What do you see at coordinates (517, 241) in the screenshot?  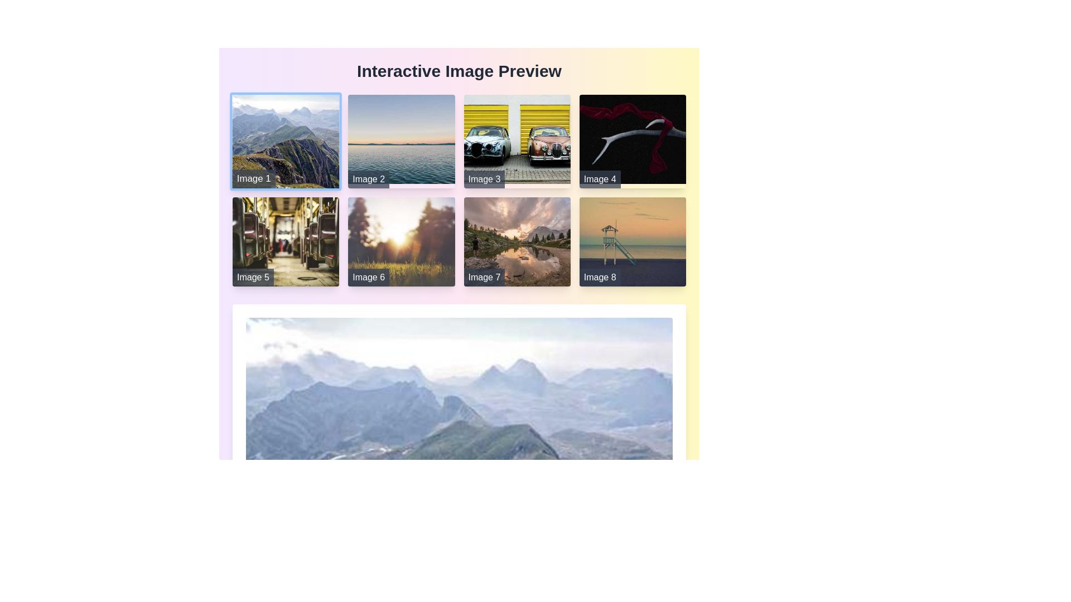 I see `the Image card for 'Image 7'` at bounding box center [517, 241].